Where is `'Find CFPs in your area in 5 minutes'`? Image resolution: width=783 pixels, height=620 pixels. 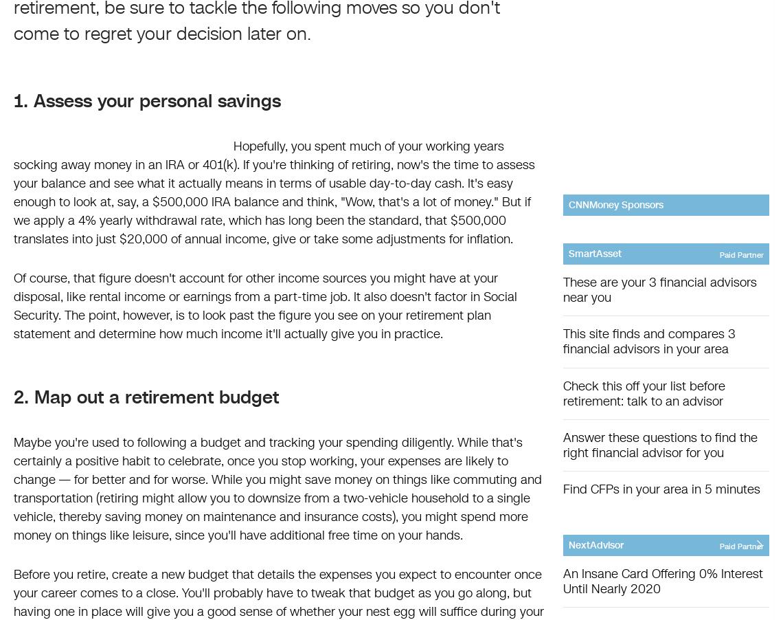
'Find CFPs in your area in 5 minutes' is located at coordinates (661, 489).